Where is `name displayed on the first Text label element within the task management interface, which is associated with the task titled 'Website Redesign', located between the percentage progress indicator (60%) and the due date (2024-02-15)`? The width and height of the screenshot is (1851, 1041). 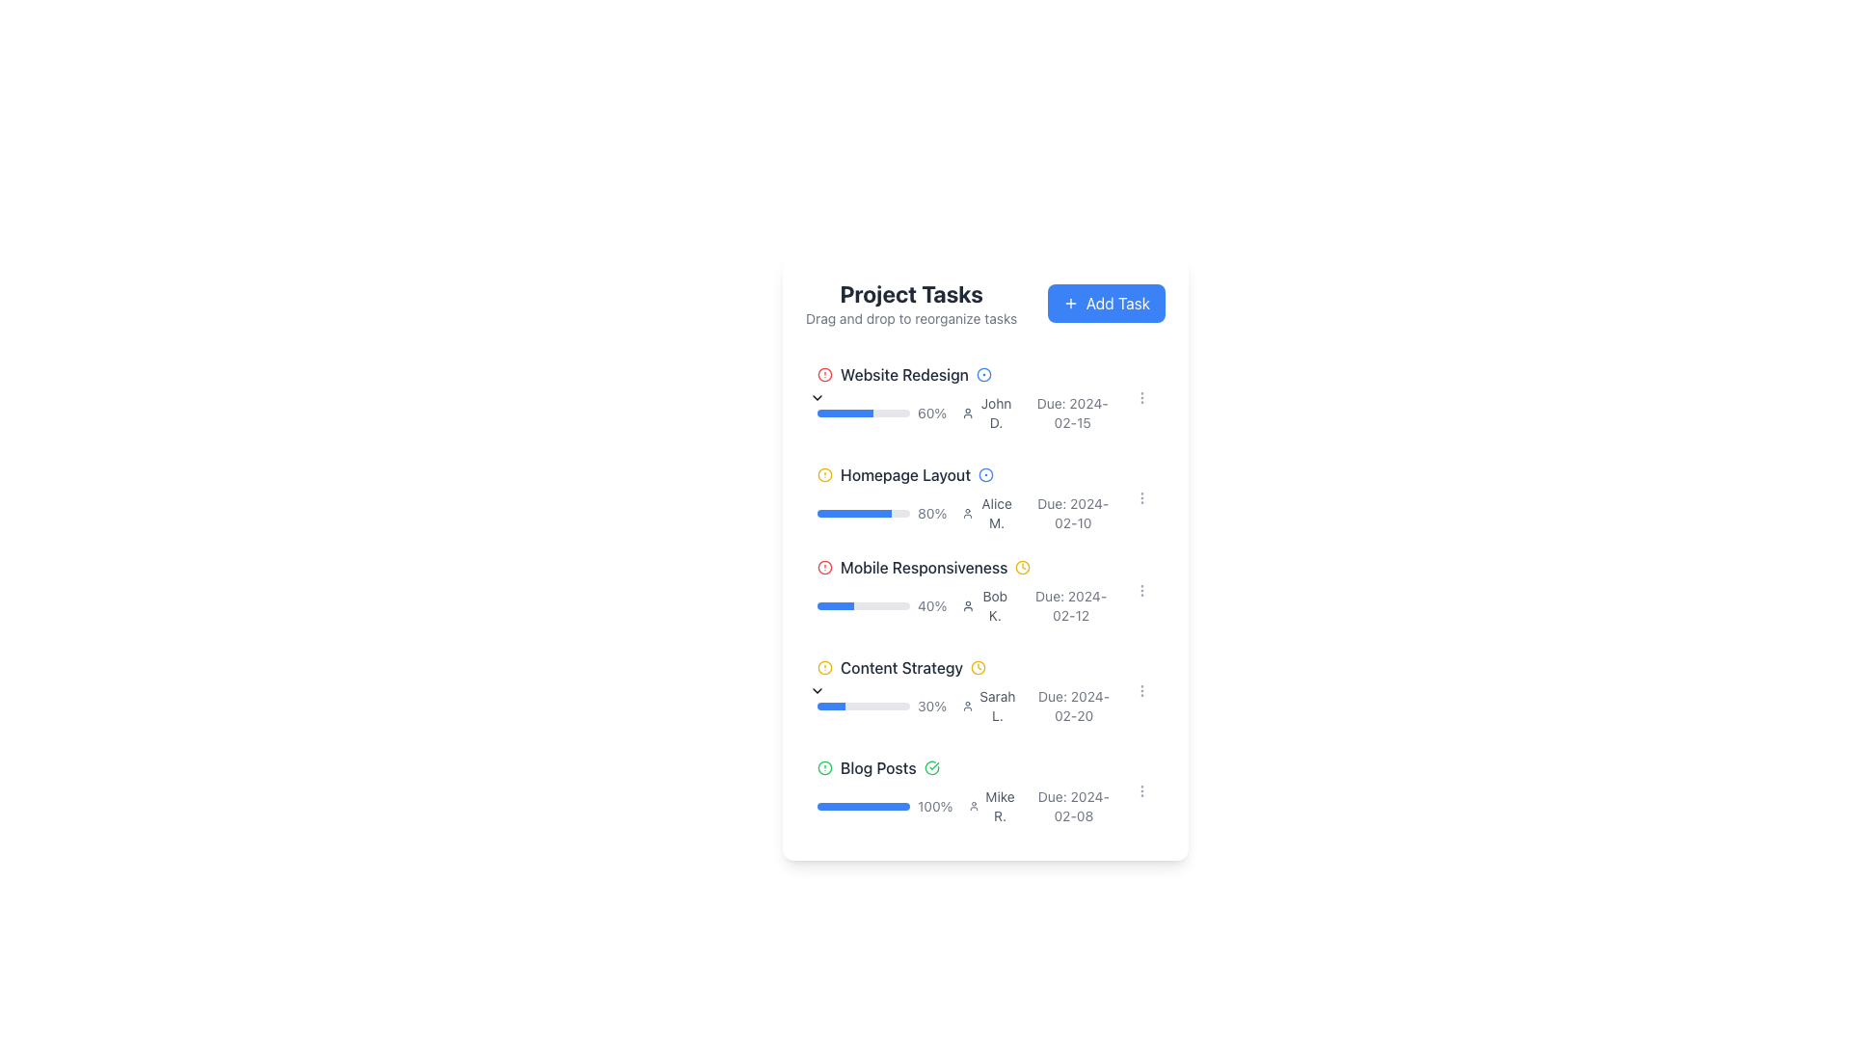
name displayed on the first Text label element within the task management interface, which is associated with the task titled 'Website Redesign', located between the percentage progress indicator (60%) and the due date (2024-02-15) is located at coordinates (988, 412).